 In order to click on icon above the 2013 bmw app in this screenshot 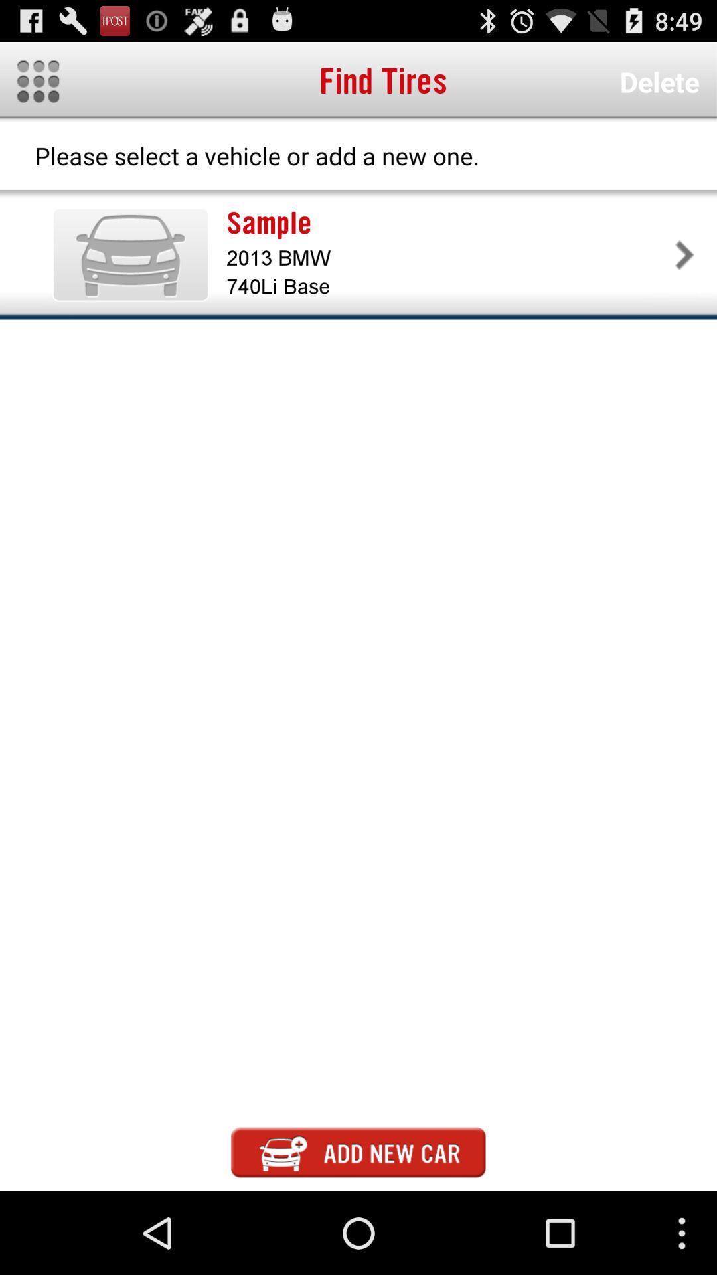, I will do `click(448, 223)`.